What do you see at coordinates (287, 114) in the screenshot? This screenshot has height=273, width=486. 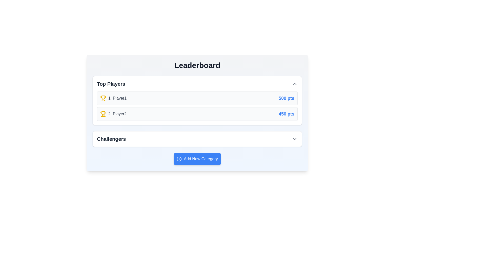 I see `the static text displaying '450 pts' in large bold blue font, located in the second player row of the leaderboard section, aligned towards the right edge` at bounding box center [287, 114].